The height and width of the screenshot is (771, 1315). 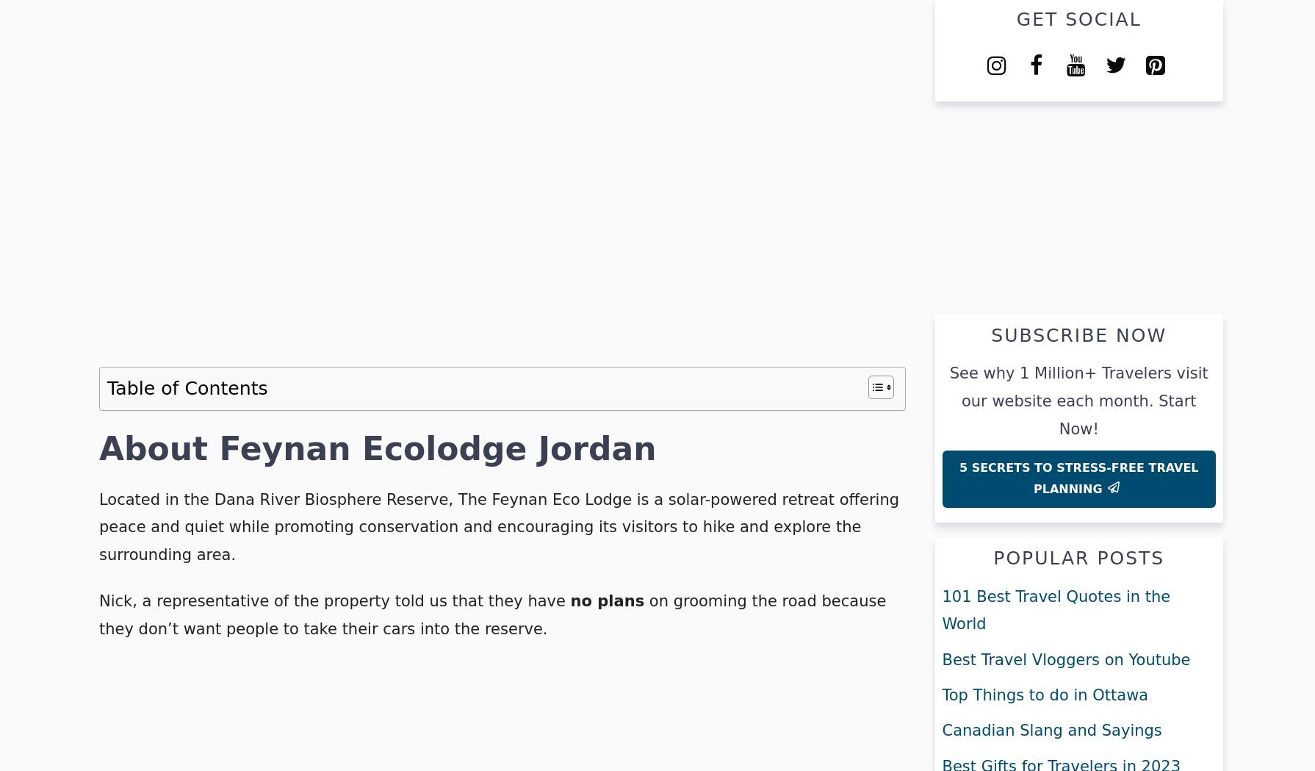 What do you see at coordinates (1078, 557) in the screenshot?
I see `'Popular Posts'` at bounding box center [1078, 557].